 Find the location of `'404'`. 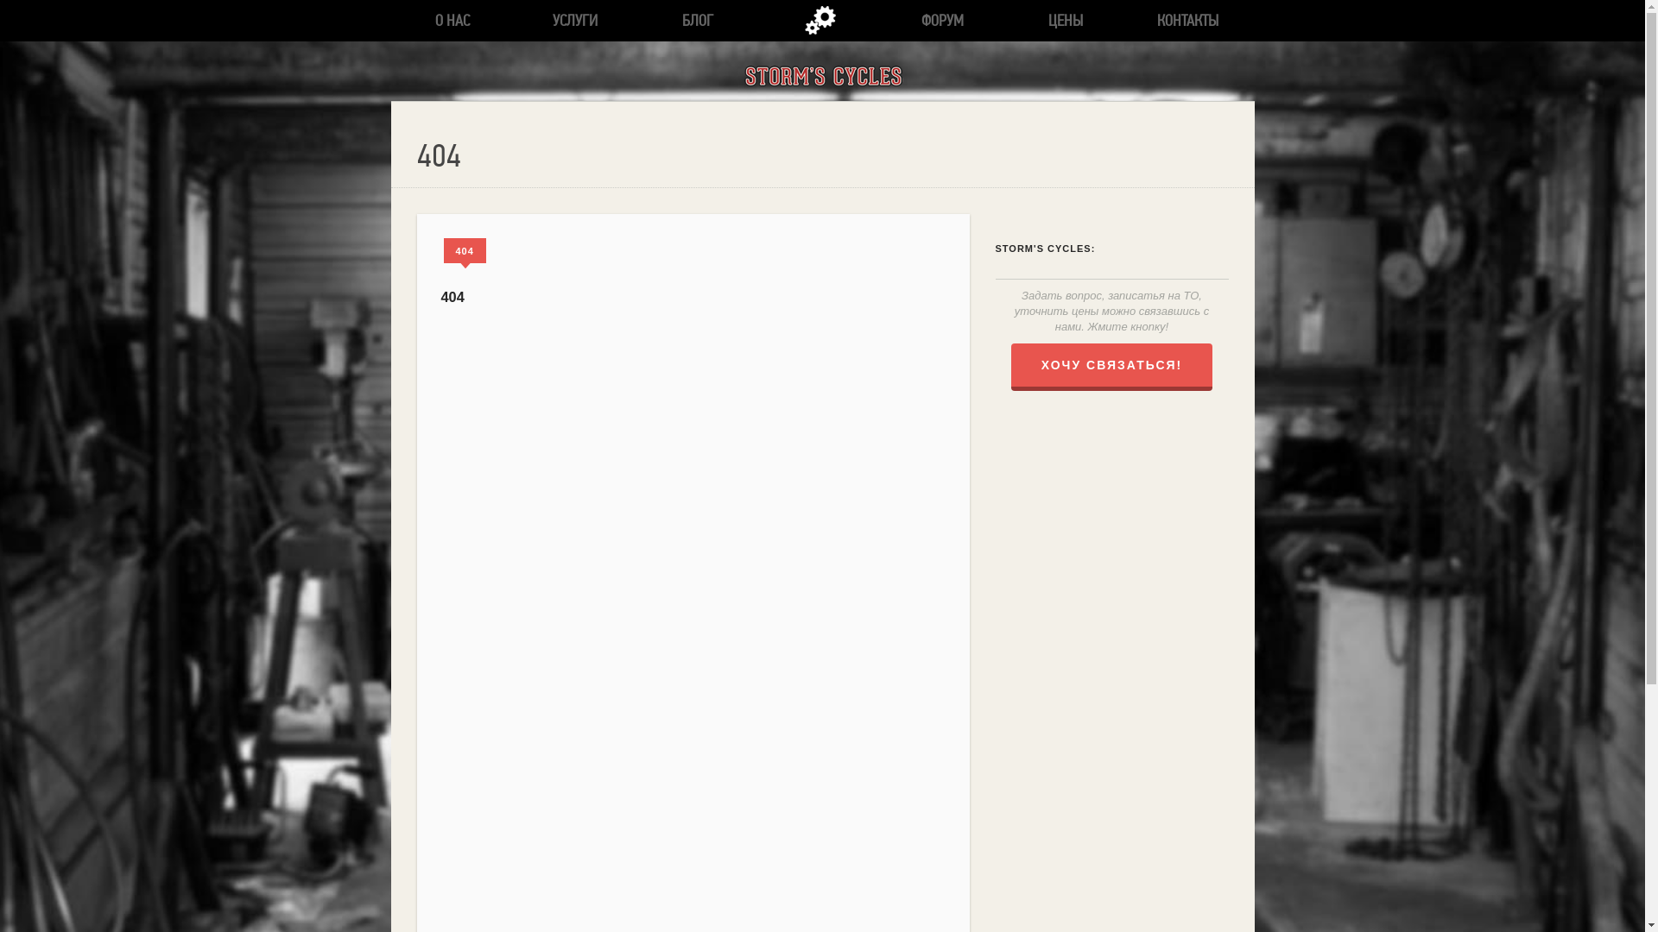

'404' is located at coordinates (465, 250).